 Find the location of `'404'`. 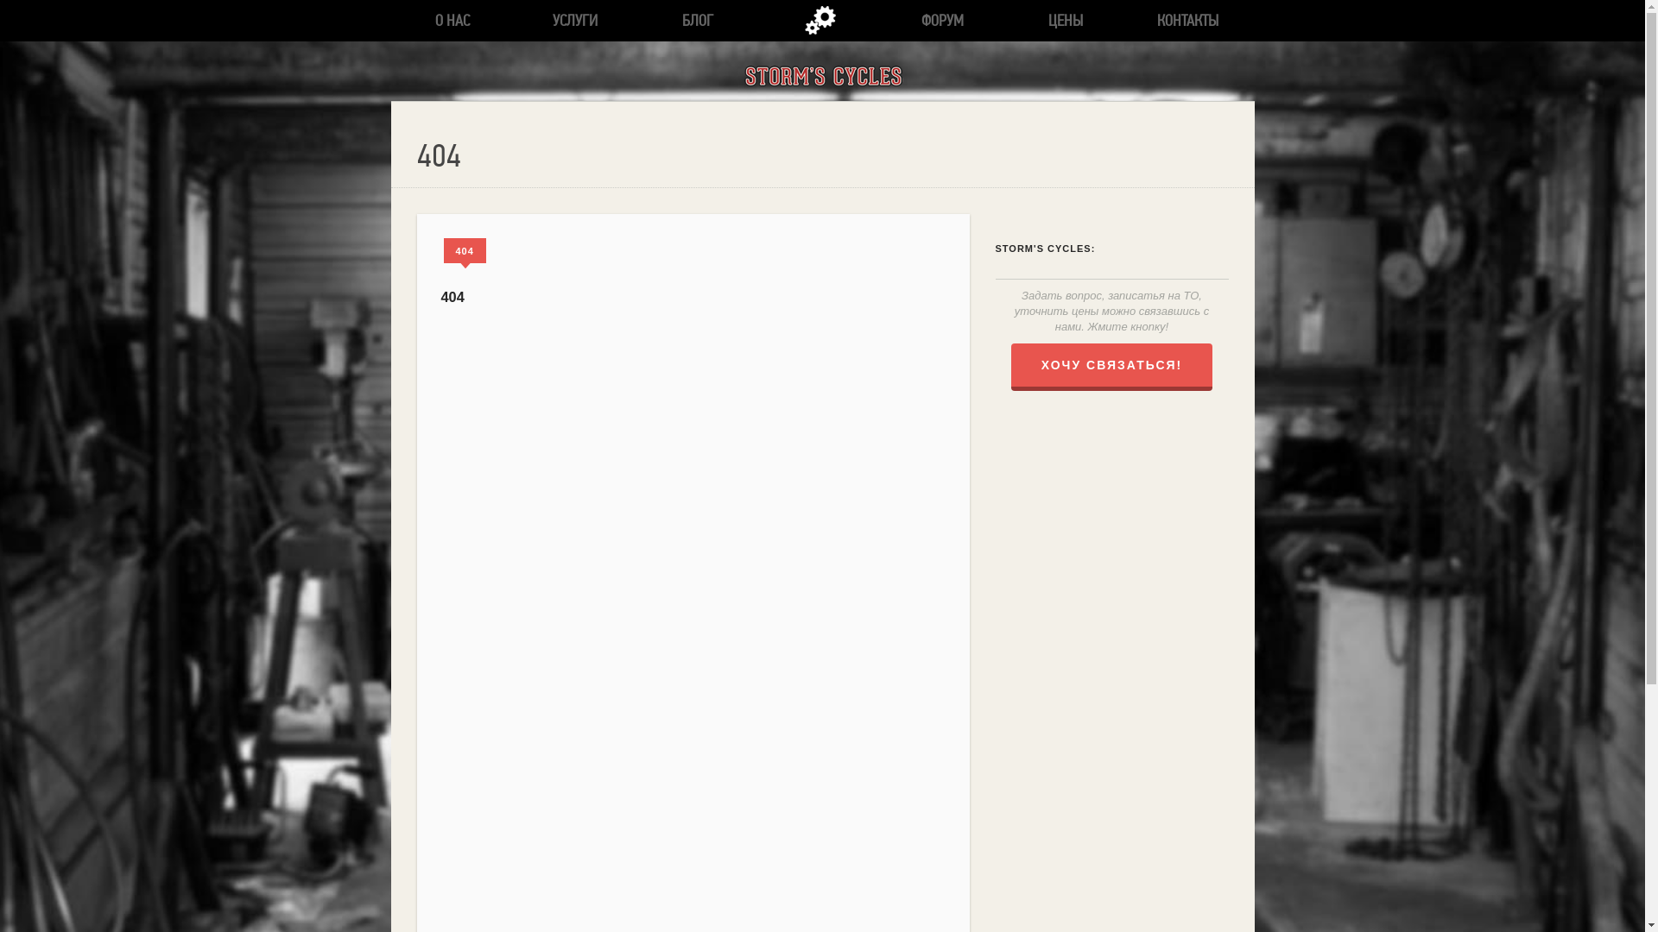

'404' is located at coordinates (465, 250).